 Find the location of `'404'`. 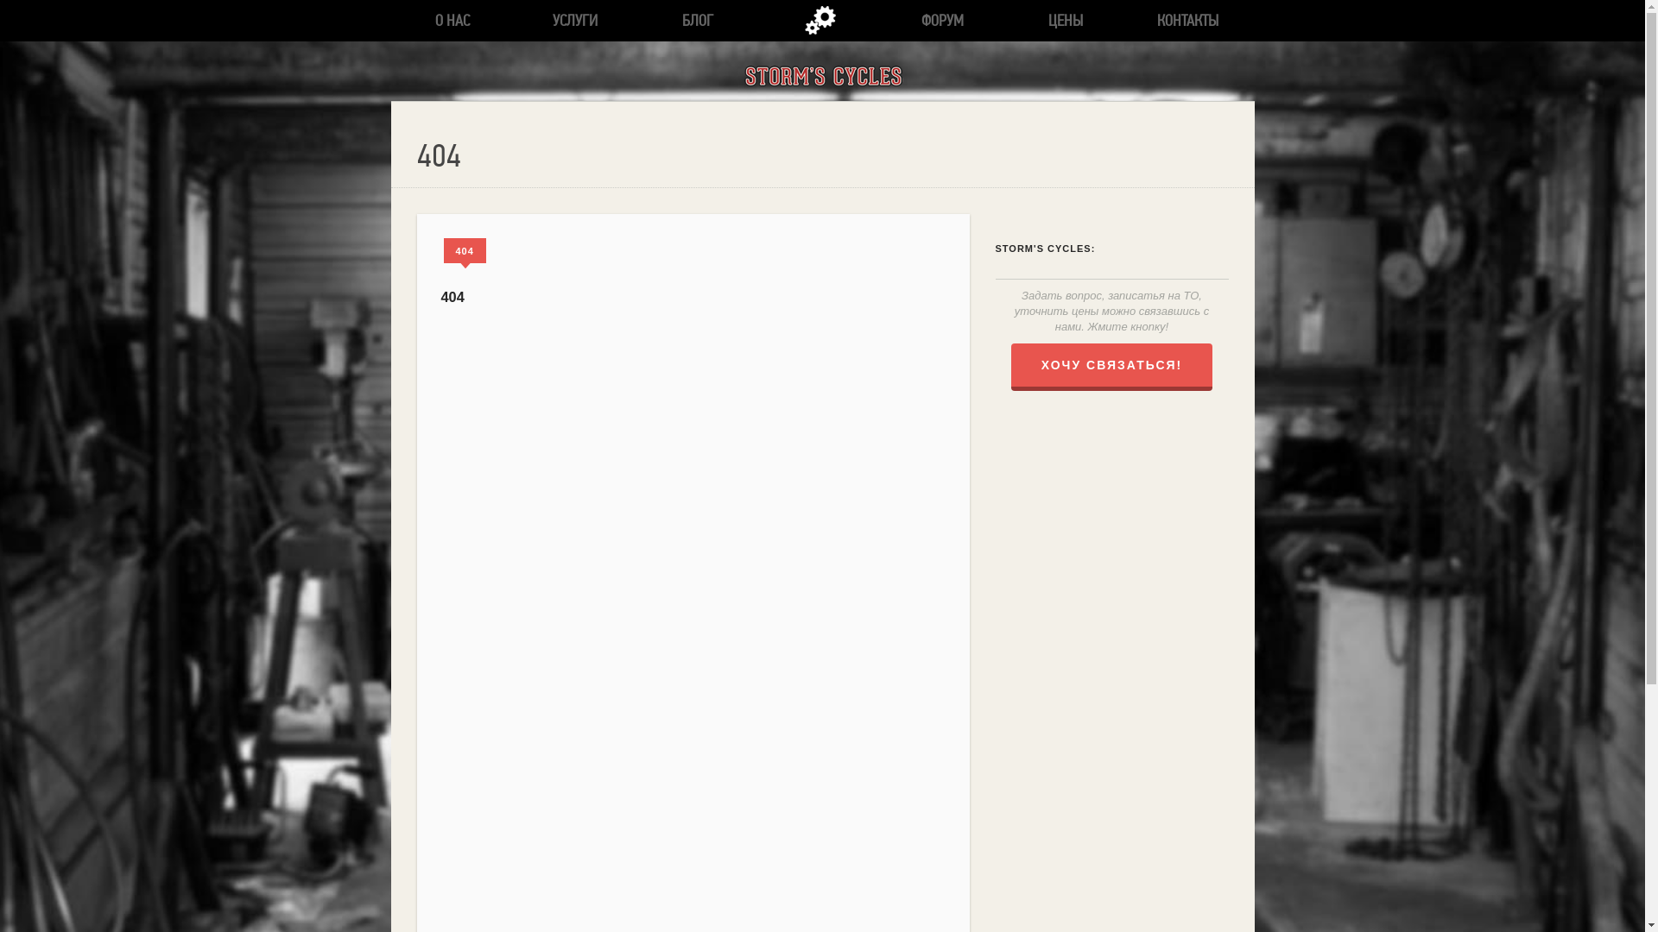

'404' is located at coordinates (465, 250).